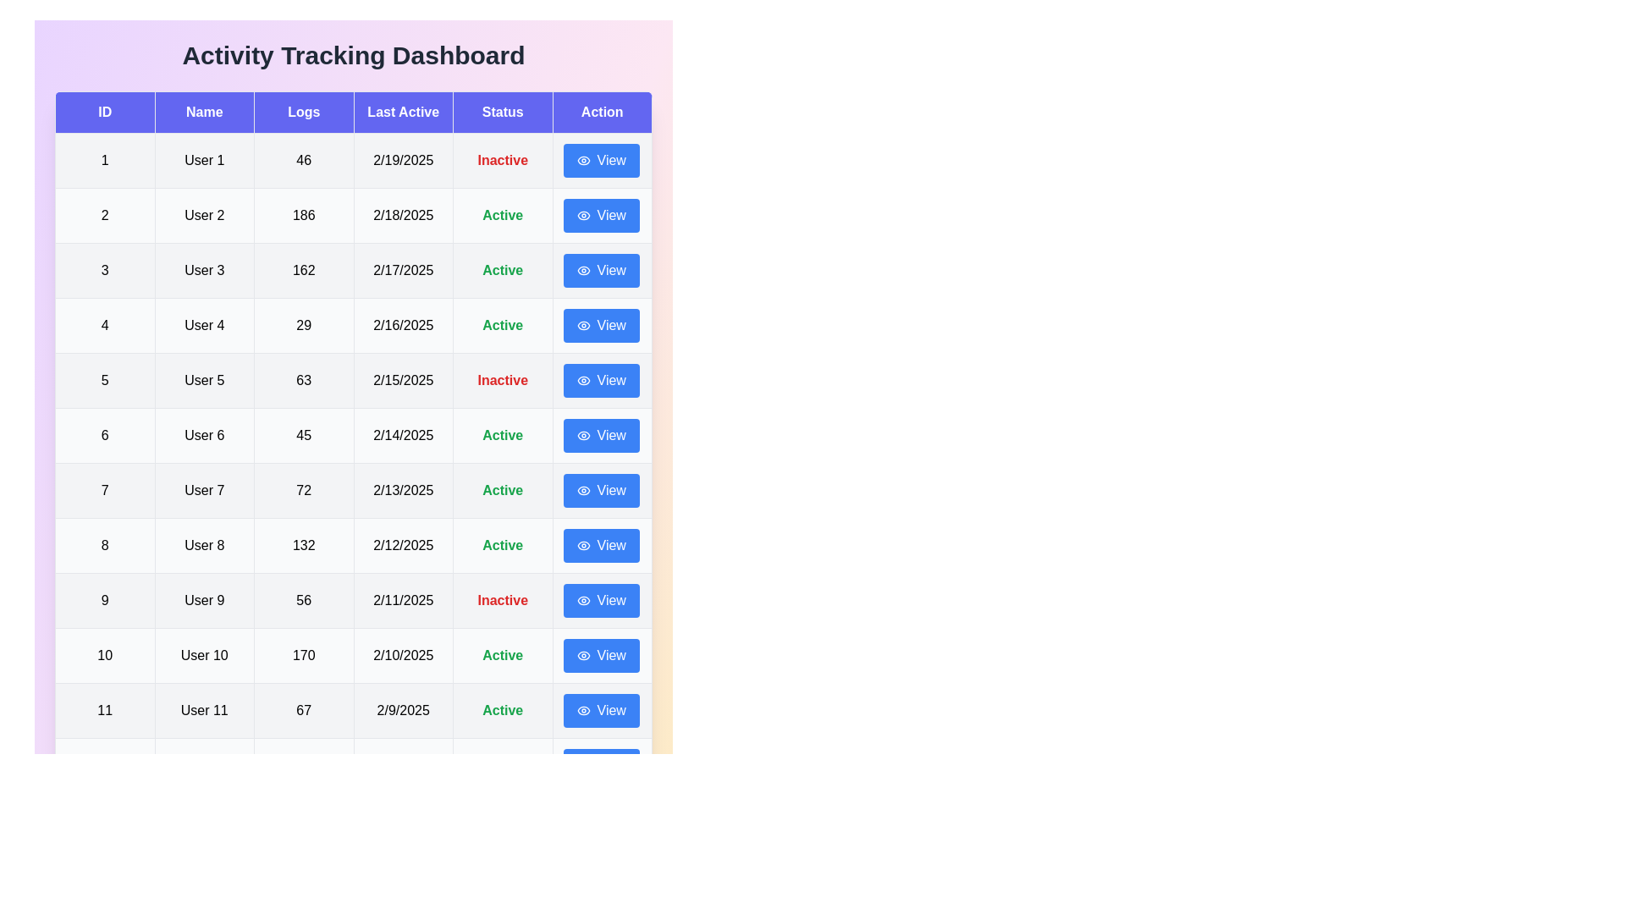 The width and height of the screenshot is (1625, 914). I want to click on the table headers to inspect their content, so click(352, 112).